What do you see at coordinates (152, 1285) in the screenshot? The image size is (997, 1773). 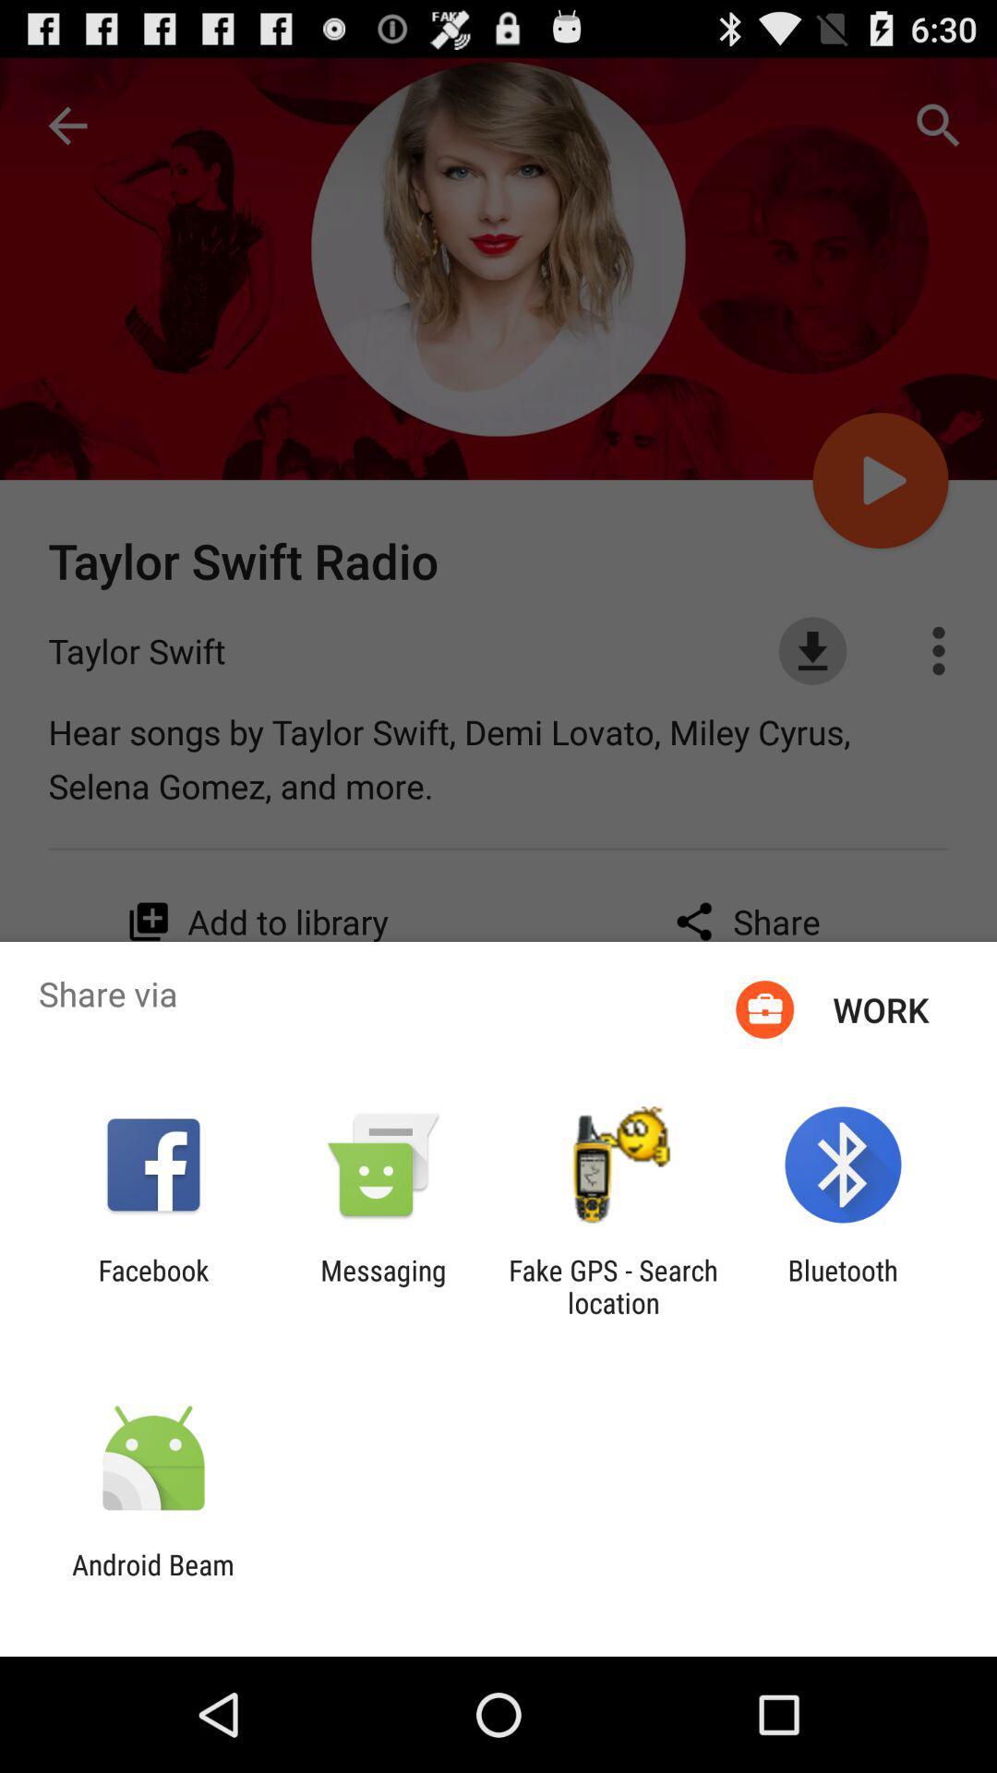 I see `facebook` at bounding box center [152, 1285].